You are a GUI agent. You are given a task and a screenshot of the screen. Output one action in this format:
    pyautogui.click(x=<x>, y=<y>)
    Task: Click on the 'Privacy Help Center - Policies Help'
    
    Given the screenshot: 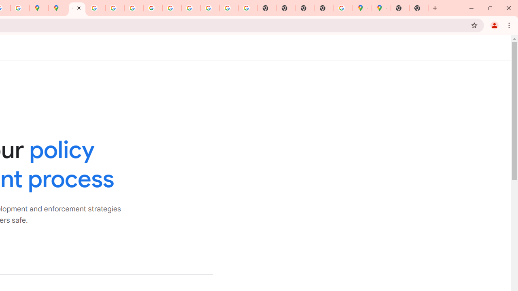 What is the action you would take?
    pyautogui.click(x=96, y=8)
    